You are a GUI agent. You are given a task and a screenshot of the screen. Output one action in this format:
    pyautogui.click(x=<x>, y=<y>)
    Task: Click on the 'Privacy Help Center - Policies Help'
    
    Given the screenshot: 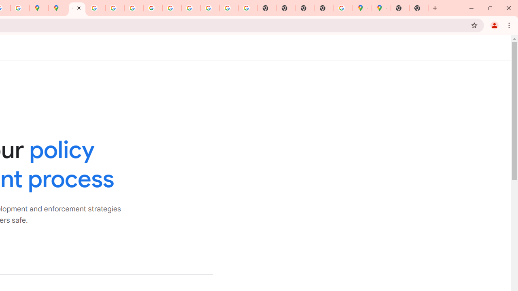 What is the action you would take?
    pyautogui.click(x=96, y=8)
    